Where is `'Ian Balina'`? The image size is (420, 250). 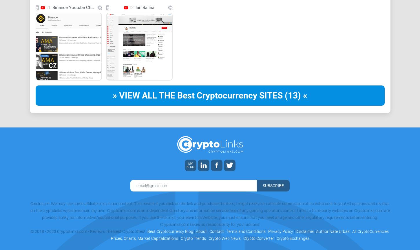
'Ian Balina' is located at coordinates (145, 7).